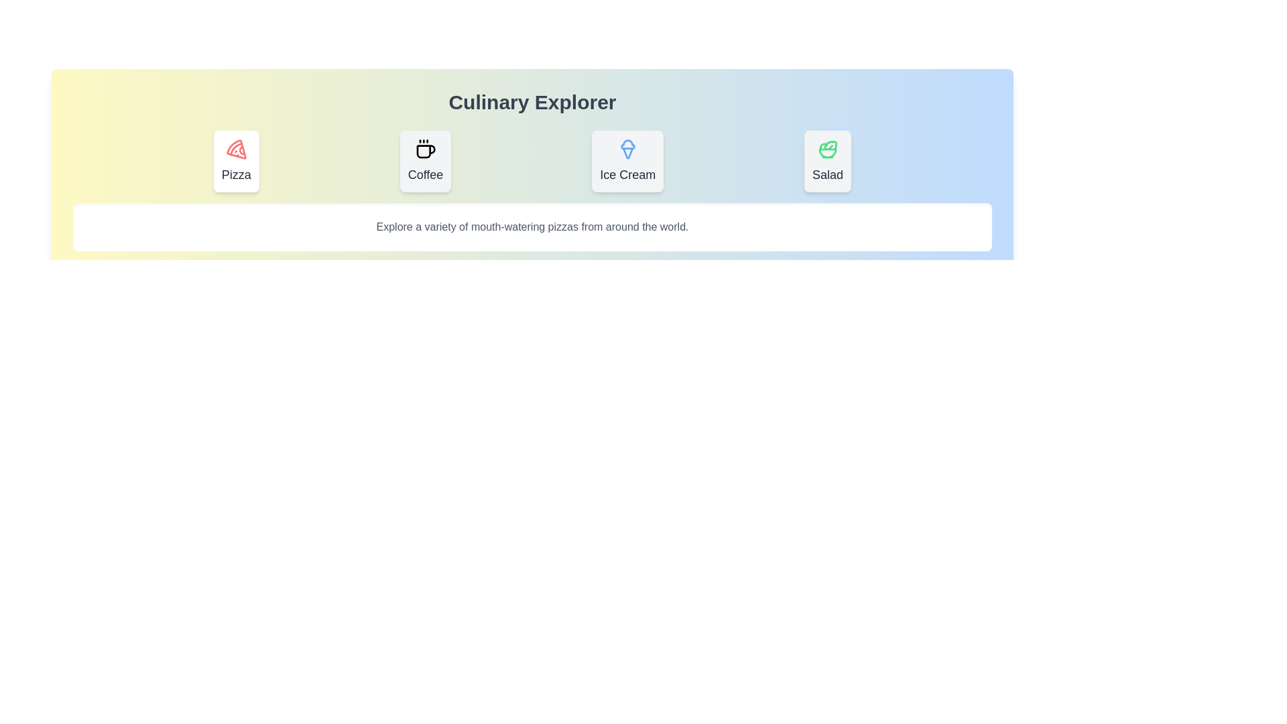 This screenshot has height=724, width=1287. What do you see at coordinates (88, 219) in the screenshot?
I see `the text in the content area and copy it to the clipboard` at bounding box center [88, 219].